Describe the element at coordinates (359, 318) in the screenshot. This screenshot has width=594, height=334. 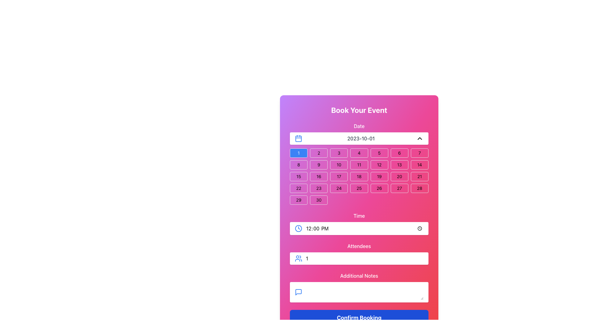
I see `the 'Confirm Booking' button, which is a rectangular button with a blue background and white bold text, located at the bottom of the 'Book Your Event' form card` at that location.